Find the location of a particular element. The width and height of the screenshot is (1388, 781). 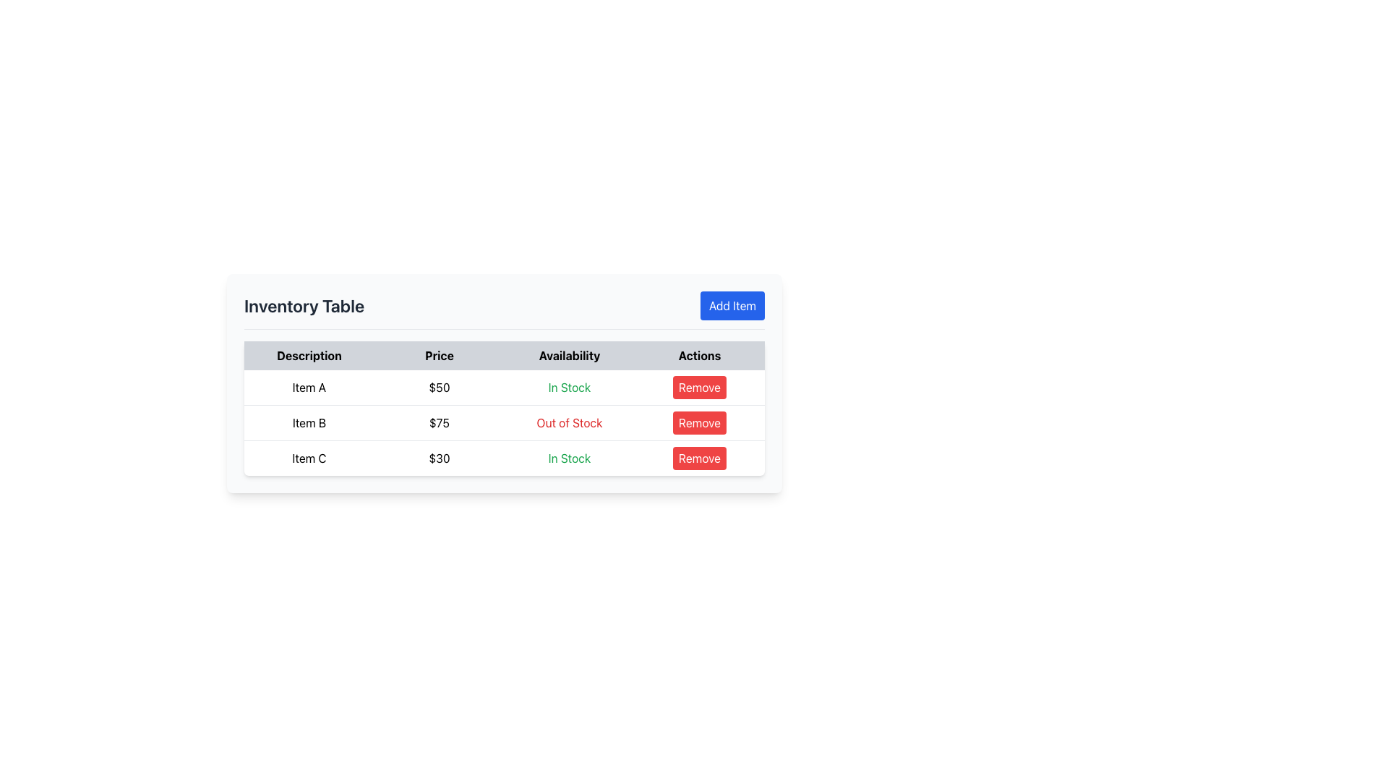

the red-colored text label reading 'Out of Stock' in the 'Availability' column of the inventory list for 'Item B' is located at coordinates (568, 423).